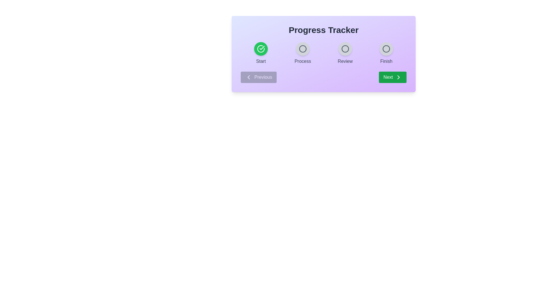 Image resolution: width=547 pixels, height=307 pixels. Describe the element at coordinates (258, 77) in the screenshot. I see `'Previous' button which has a gray background, white text, rounded corners, and a left-facing chevron icon, indicating it is currently inactive` at that location.